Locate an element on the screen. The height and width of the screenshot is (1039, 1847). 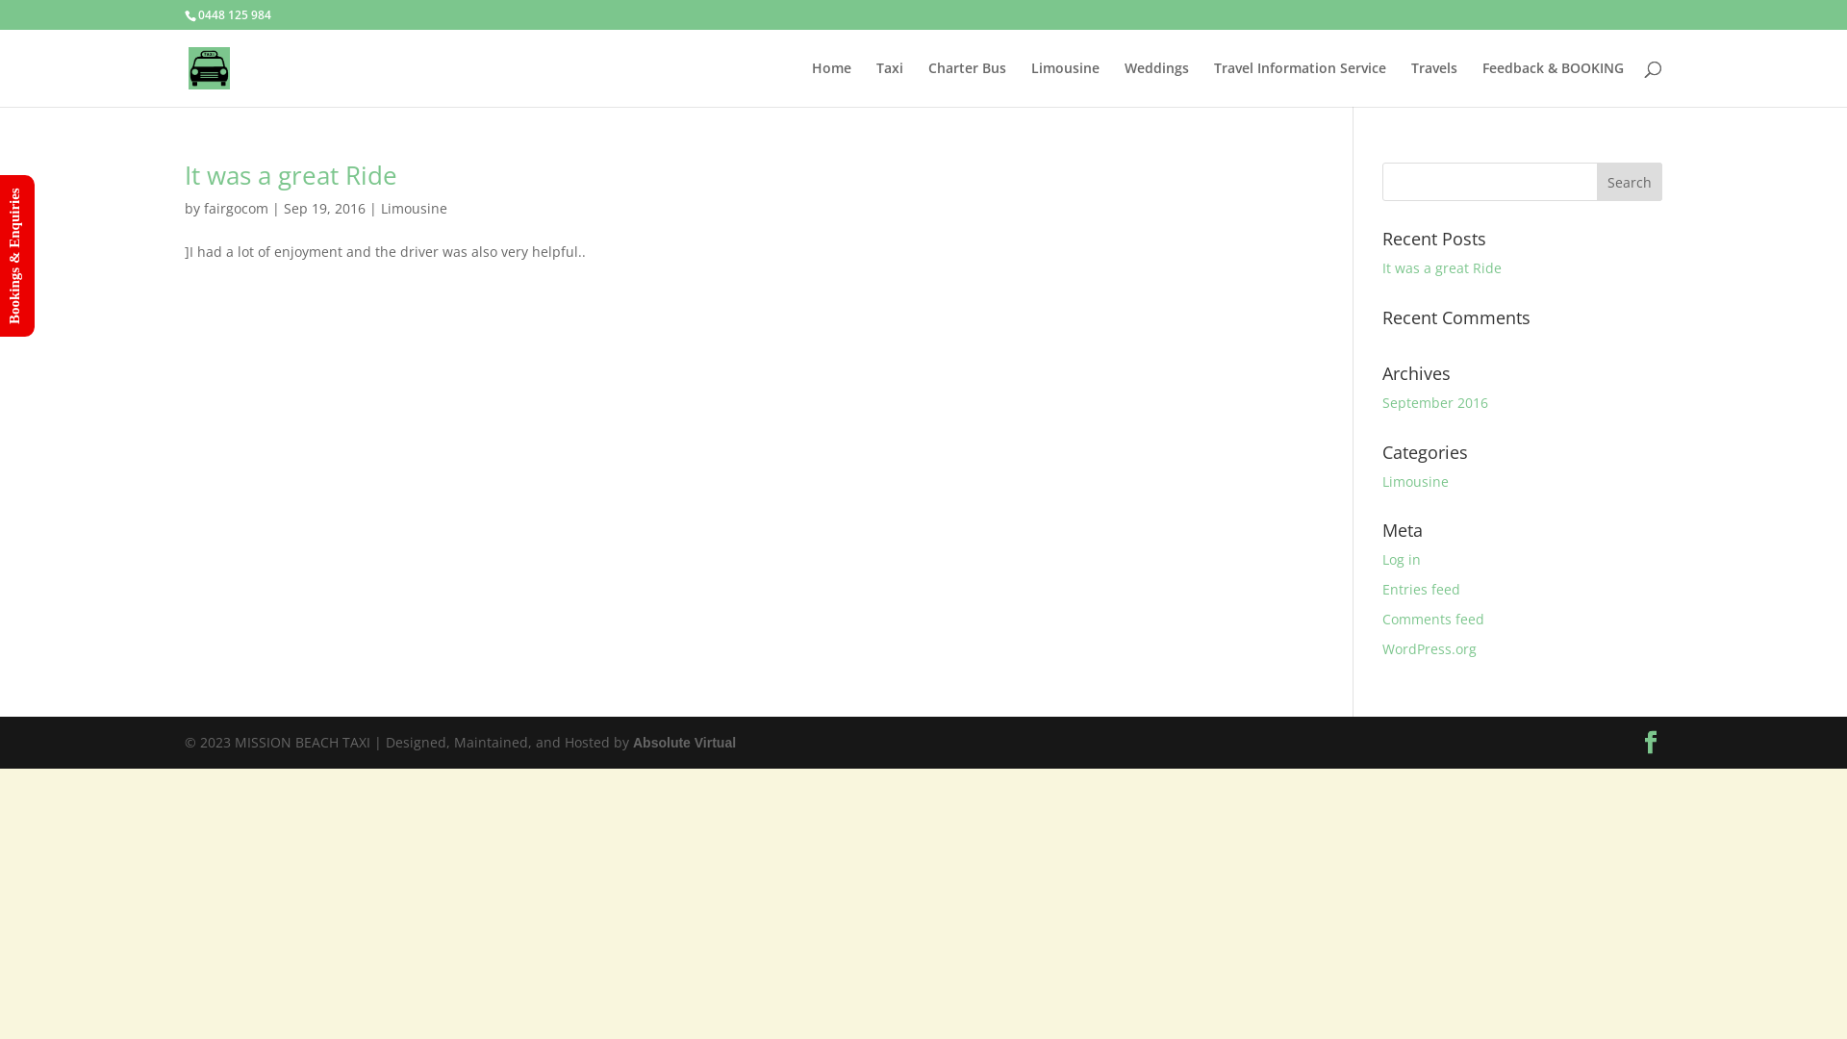
'Log in' is located at coordinates (1402, 559).